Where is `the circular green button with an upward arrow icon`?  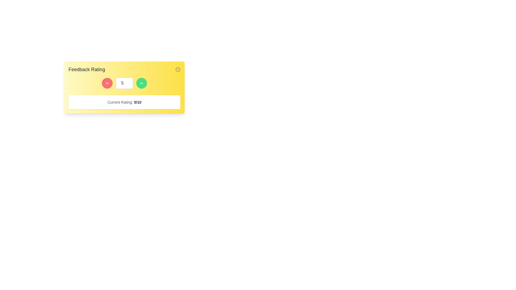 the circular green button with an upward arrow icon is located at coordinates (142, 83).